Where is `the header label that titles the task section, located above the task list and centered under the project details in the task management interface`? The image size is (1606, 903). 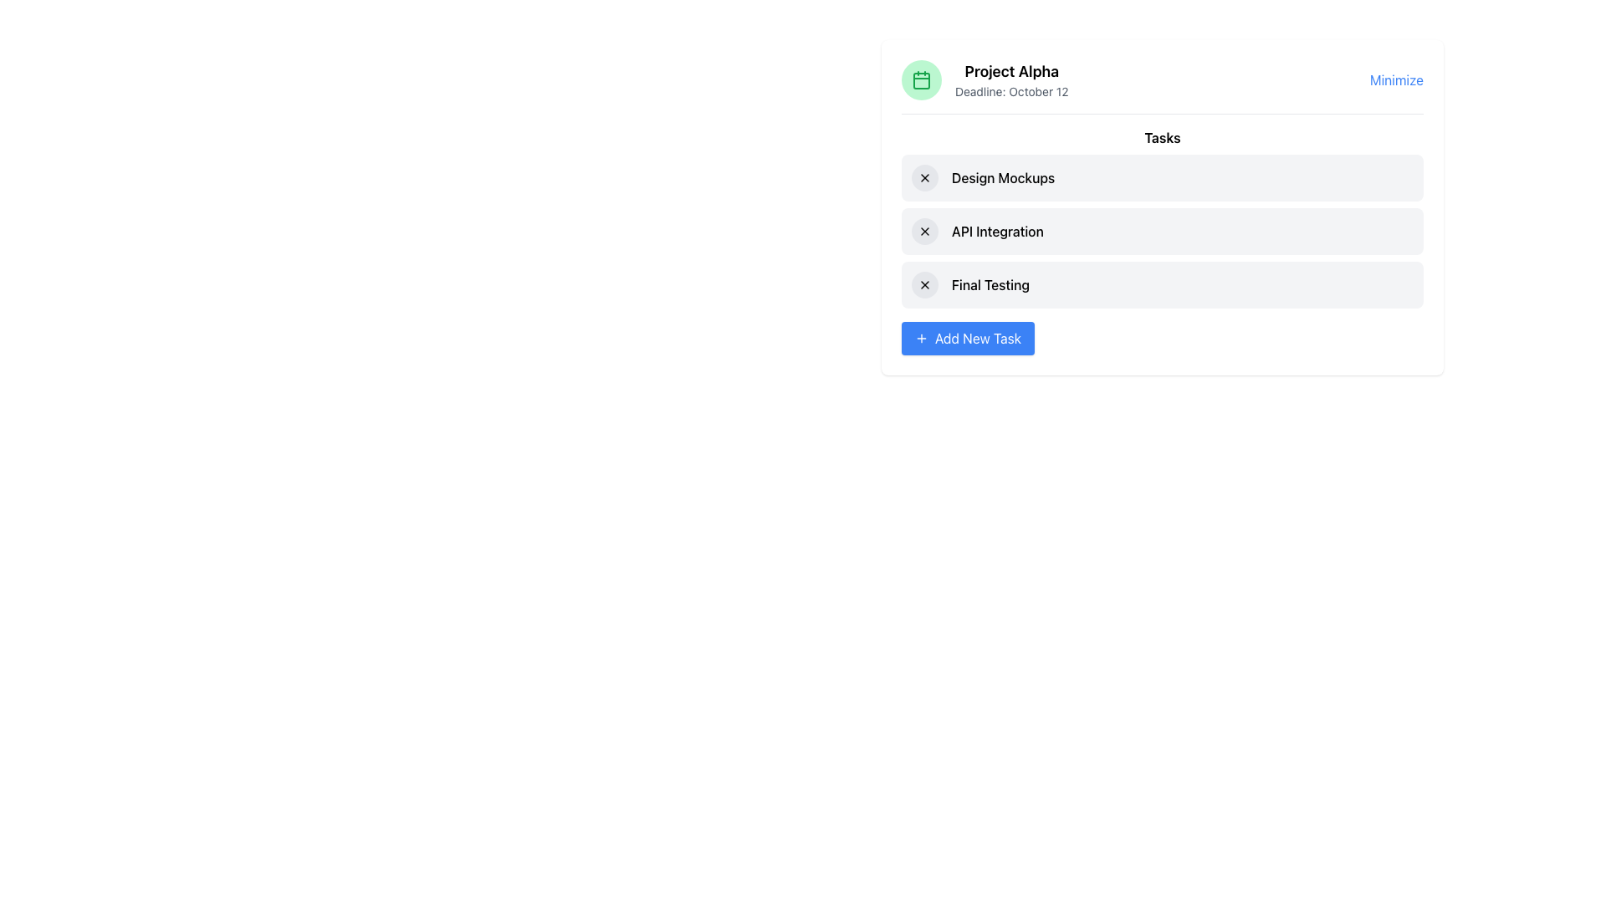
the header label that titles the task section, located above the task list and centered under the project details in the task management interface is located at coordinates (1162, 137).